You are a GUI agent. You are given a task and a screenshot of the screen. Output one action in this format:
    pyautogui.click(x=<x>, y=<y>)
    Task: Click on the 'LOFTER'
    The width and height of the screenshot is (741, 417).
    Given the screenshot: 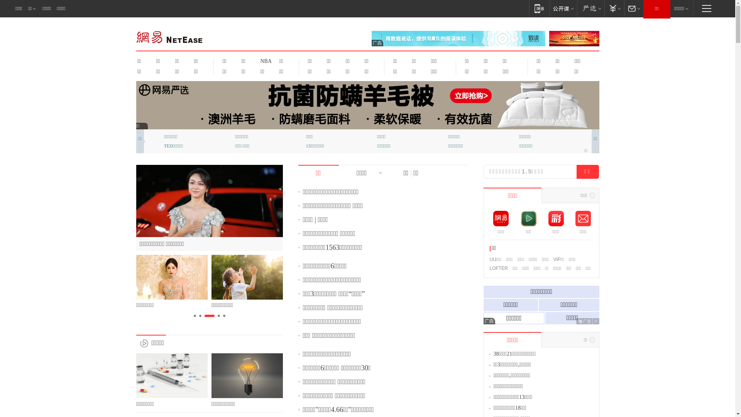 What is the action you would take?
    pyautogui.click(x=498, y=268)
    